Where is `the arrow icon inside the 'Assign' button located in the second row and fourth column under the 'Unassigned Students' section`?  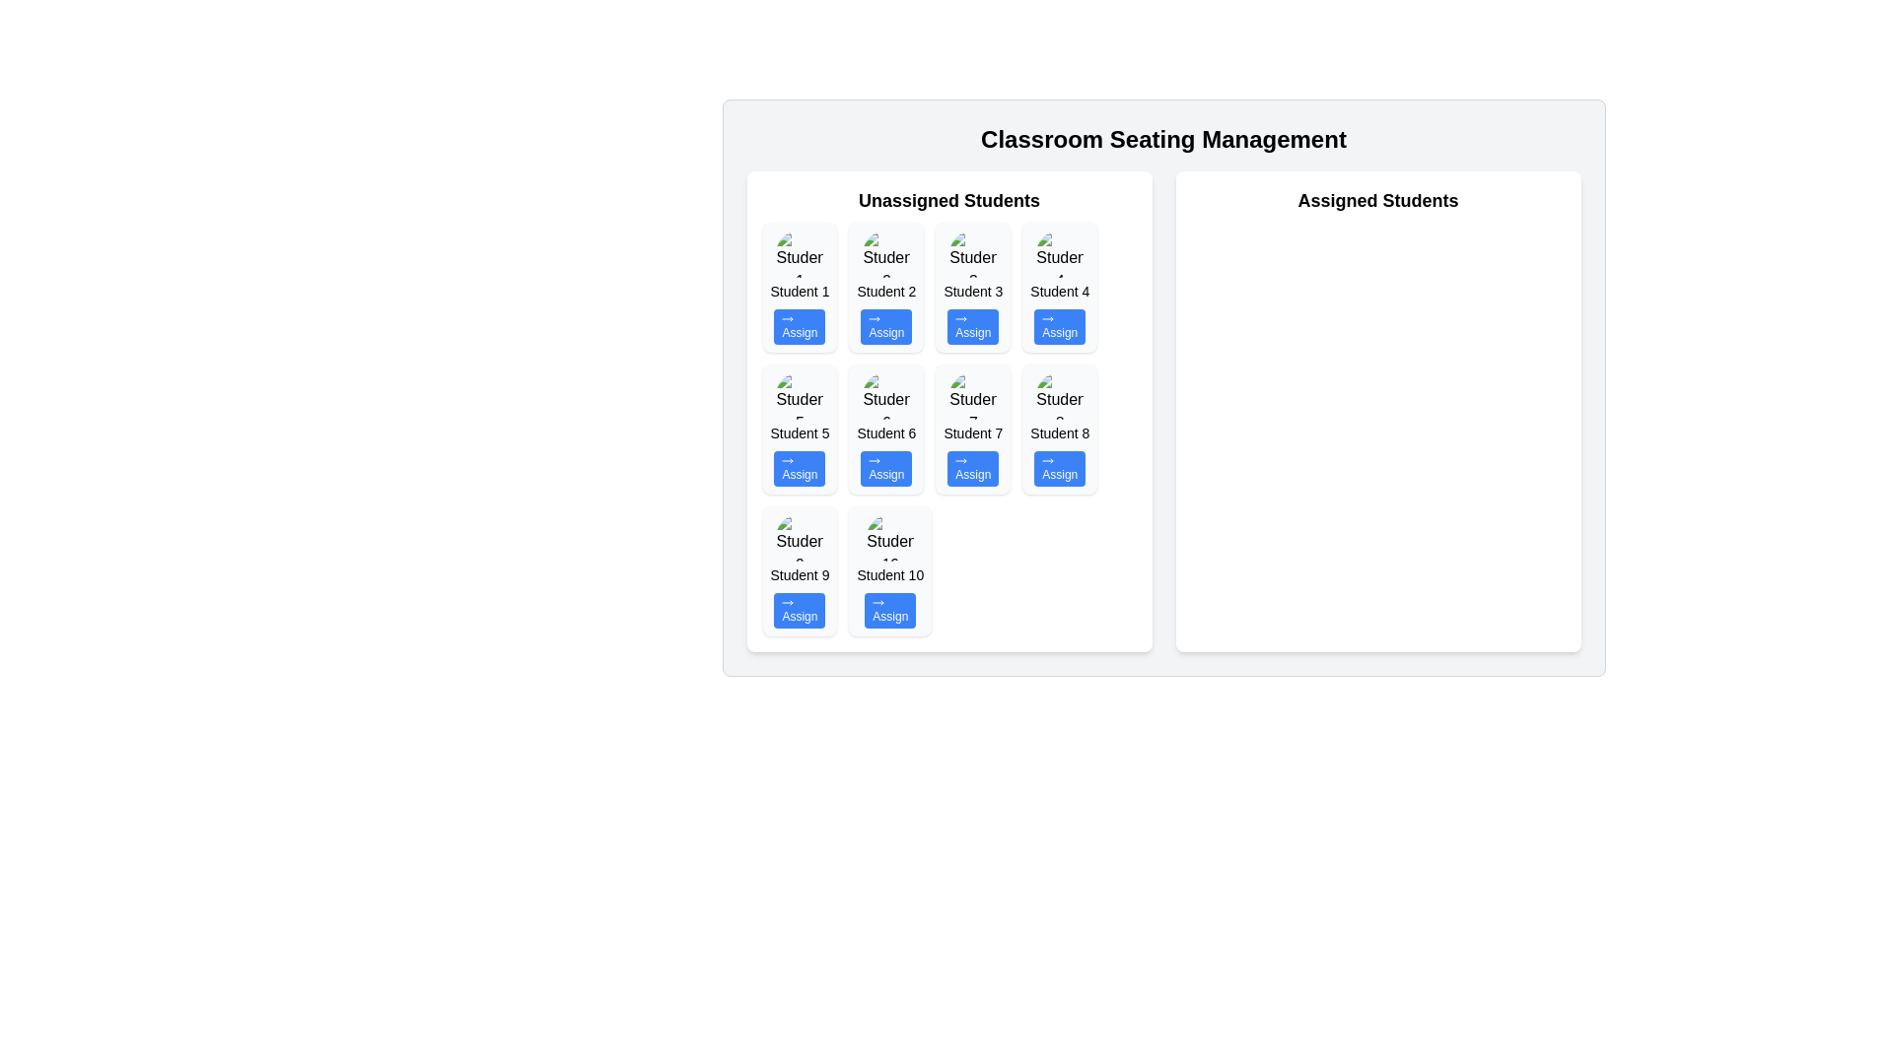 the arrow icon inside the 'Assign' button located in the second row and fourth column under the 'Unassigned Students' section is located at coordinates (1047, 460).